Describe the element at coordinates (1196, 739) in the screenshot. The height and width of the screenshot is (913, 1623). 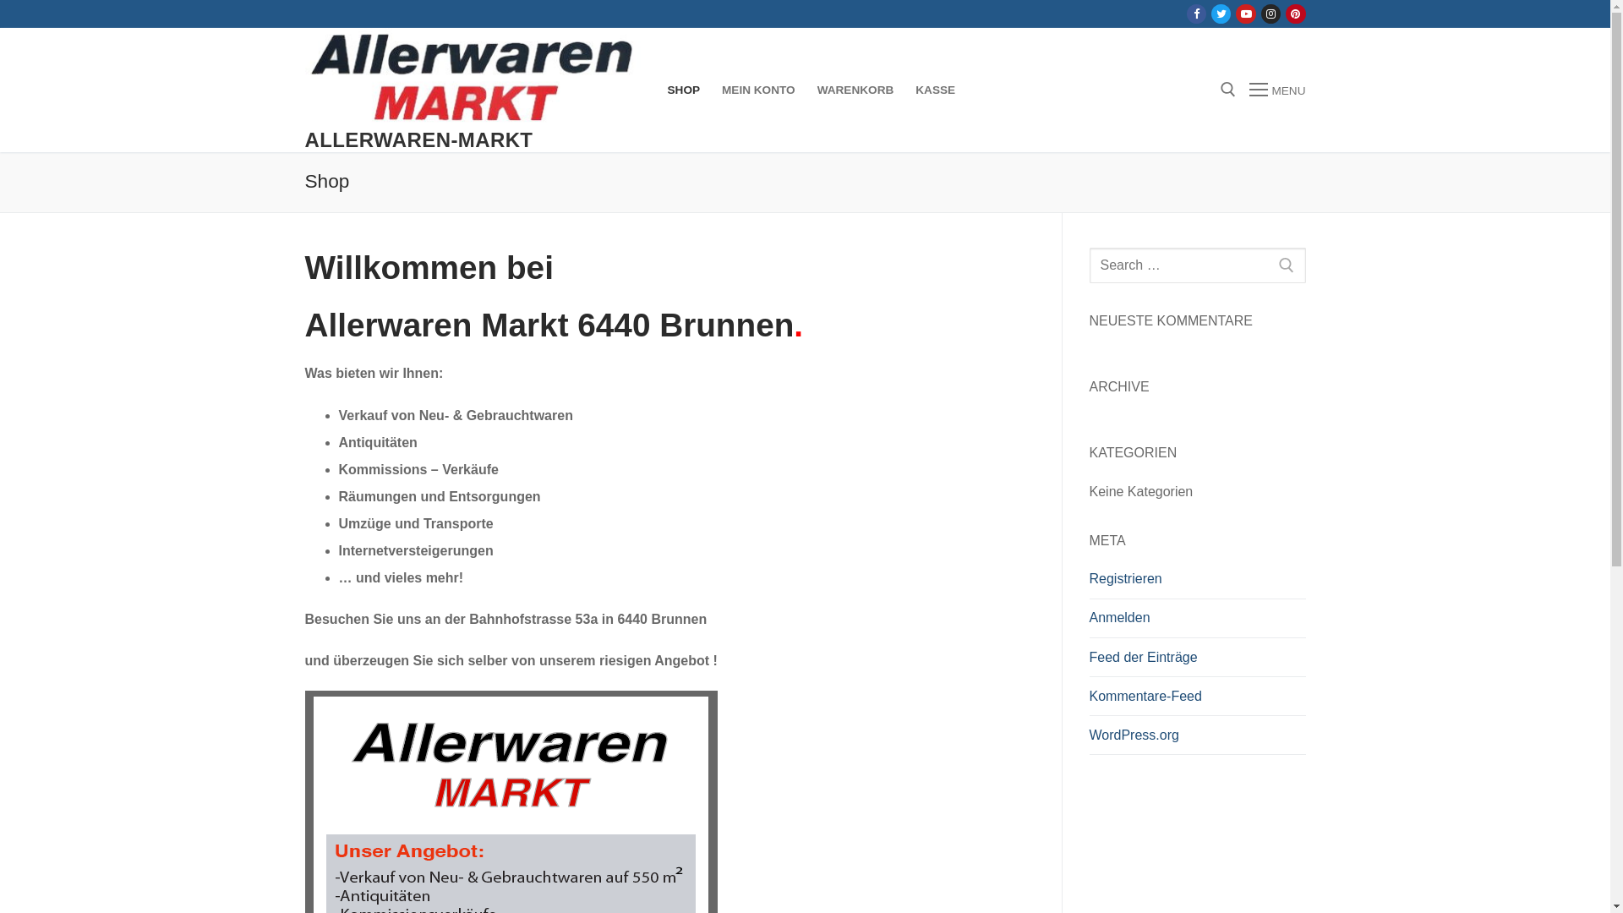
I see `'WordPress.org'` at that location.